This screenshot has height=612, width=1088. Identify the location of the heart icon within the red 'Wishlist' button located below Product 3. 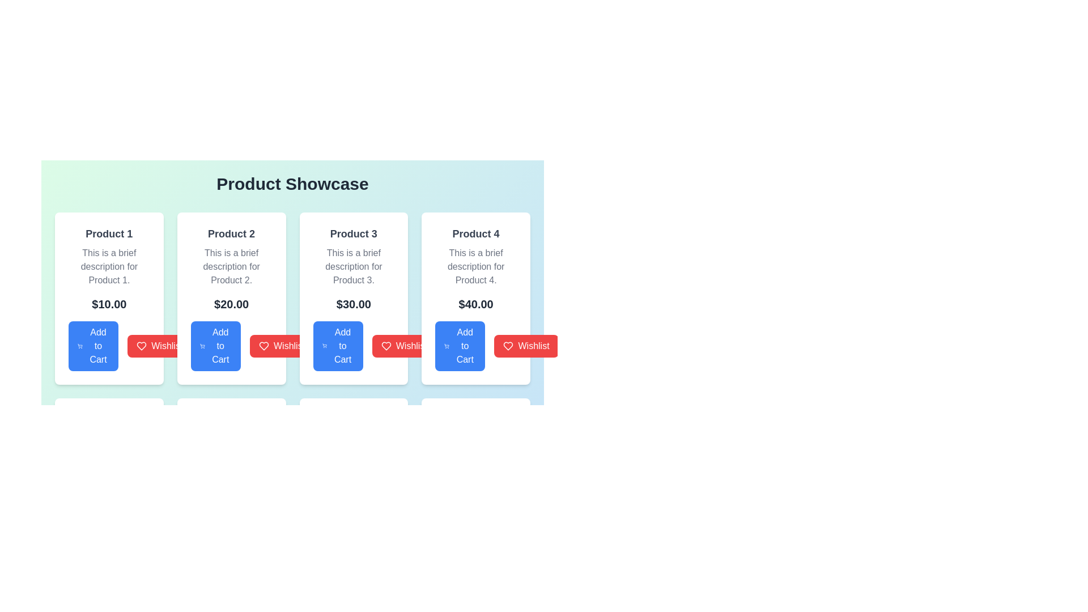
(386, 345).